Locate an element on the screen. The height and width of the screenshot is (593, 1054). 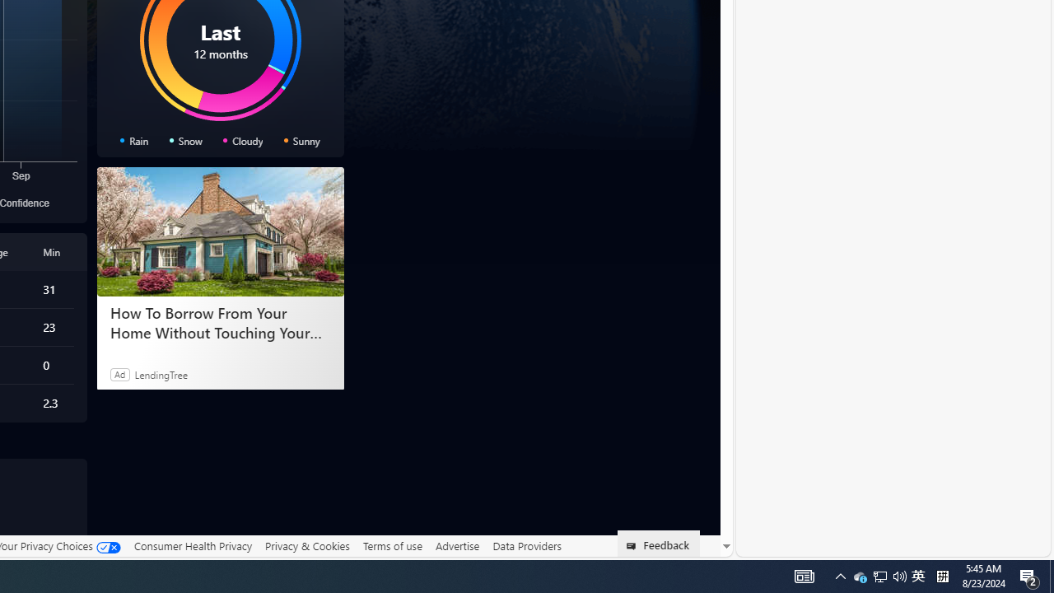
'Class: feedback_link_icon-DS-EntryPoint1-1' is located at coordinates (633, 546).